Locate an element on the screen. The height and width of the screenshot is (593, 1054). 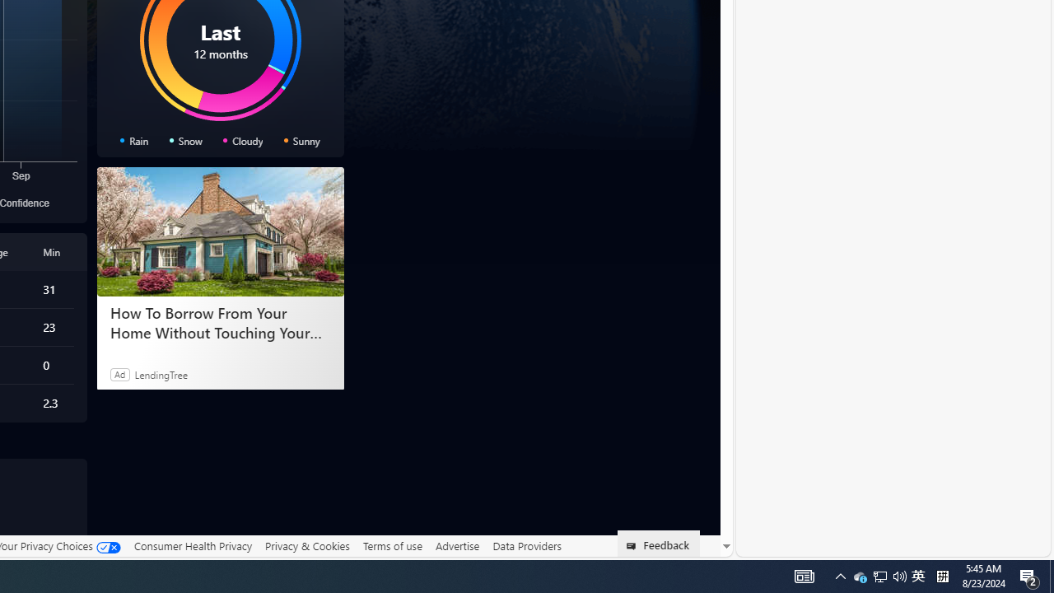
'Class: feedback_link_icon-DS-EntryPoint1-1' is located at coordinates (633, 546).